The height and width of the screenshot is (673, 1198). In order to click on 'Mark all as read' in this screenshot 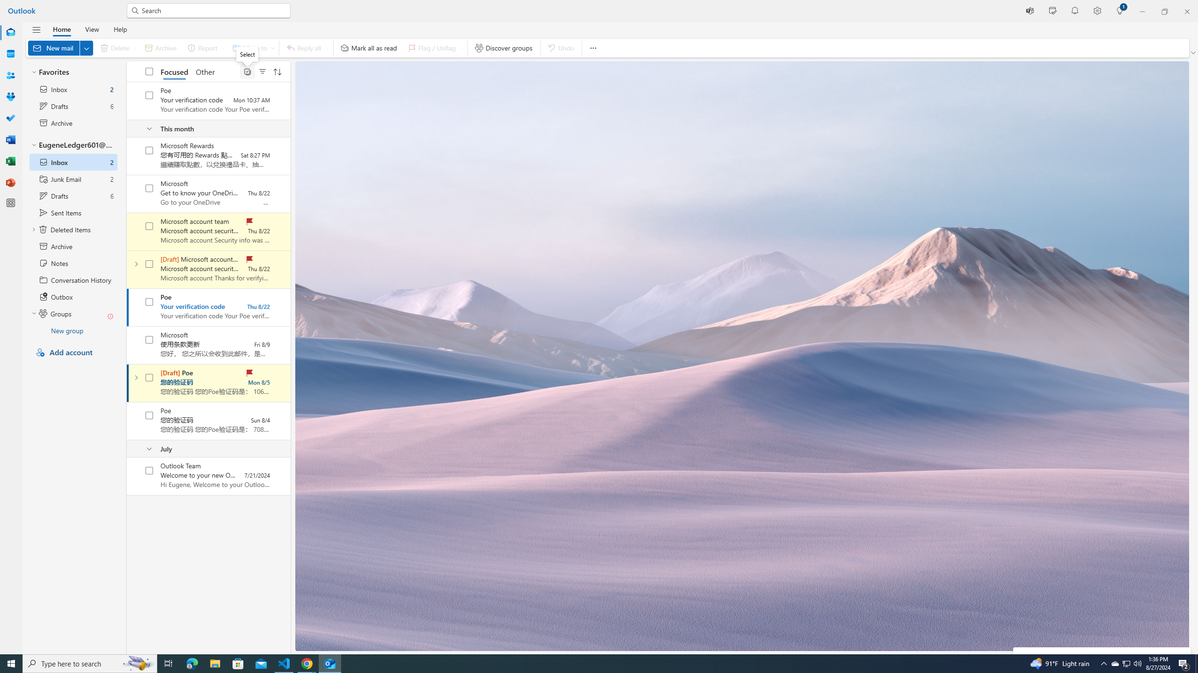, I will do `click(368, 48)`.